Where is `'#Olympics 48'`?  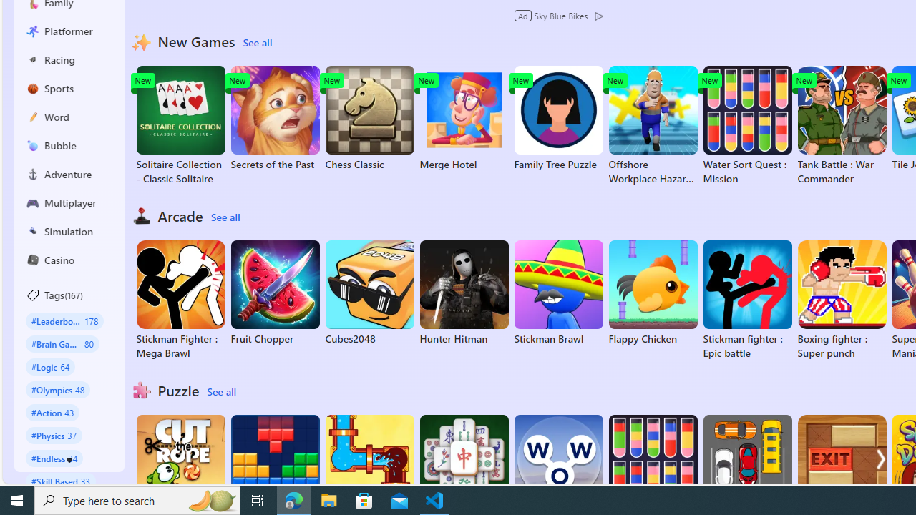
'#Olympics 48' is located at coordinates (57, 389).